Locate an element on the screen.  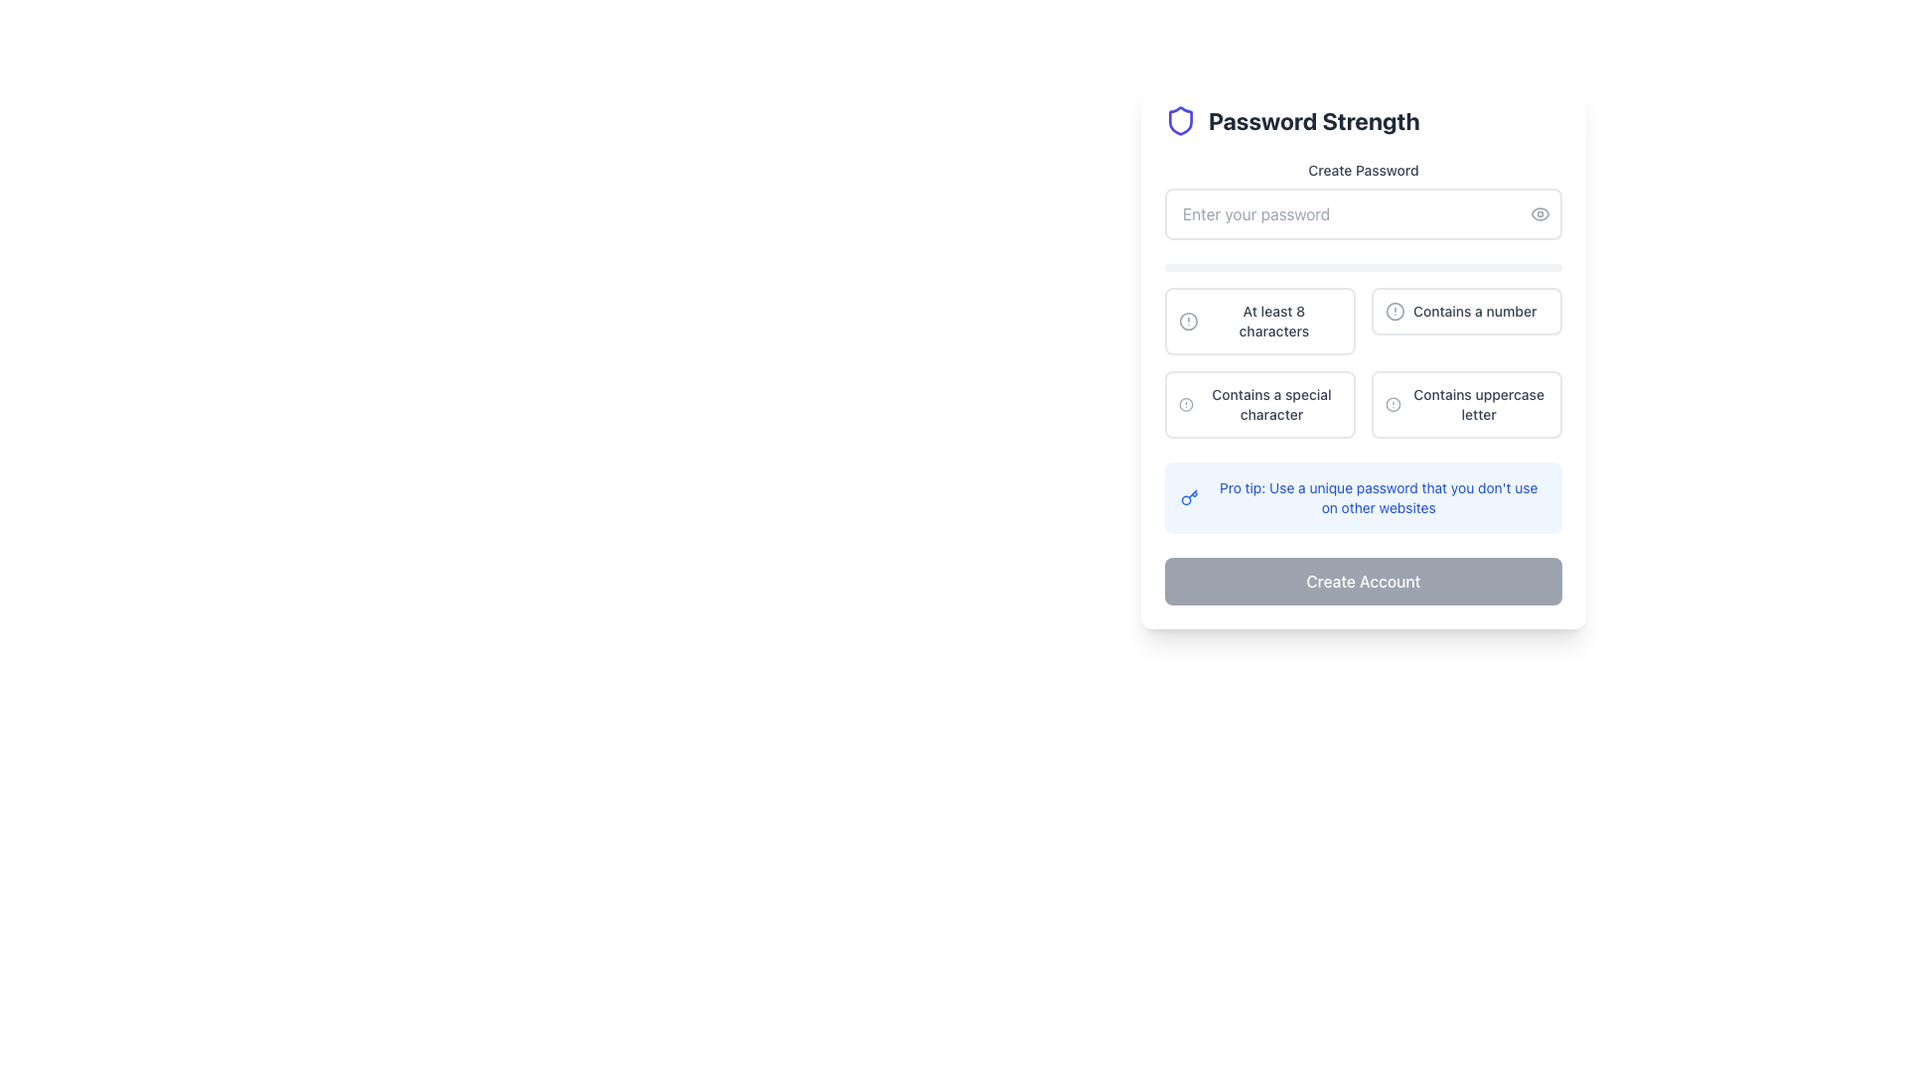
the SVG Circle element that is the background of the 'Contains uppercase letter' icon in the password strength validation section is located at coordinates (1393, 404).